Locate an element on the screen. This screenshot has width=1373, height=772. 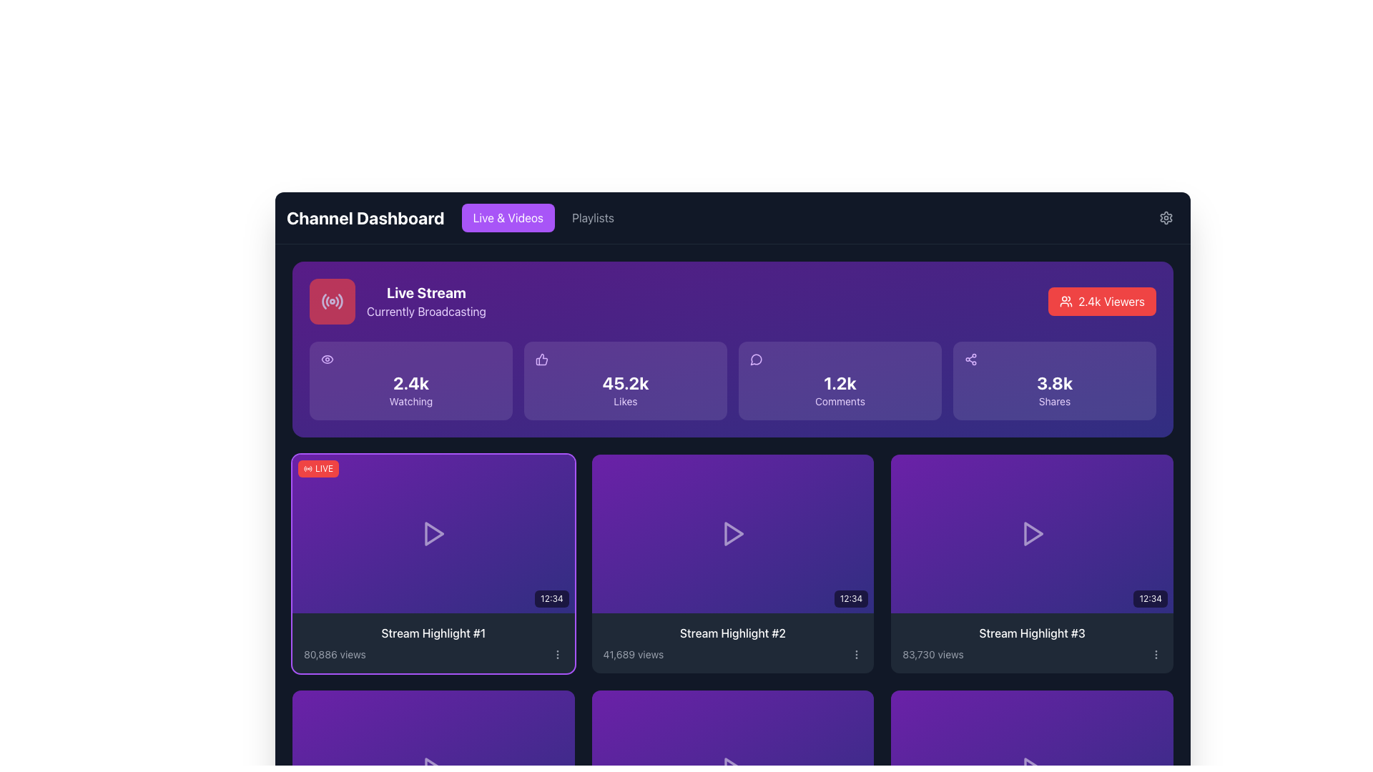
the play icon located in the third video thumbnail of the second row titled 'Stream Highlight #3' is located at coordinates (1033, 533).